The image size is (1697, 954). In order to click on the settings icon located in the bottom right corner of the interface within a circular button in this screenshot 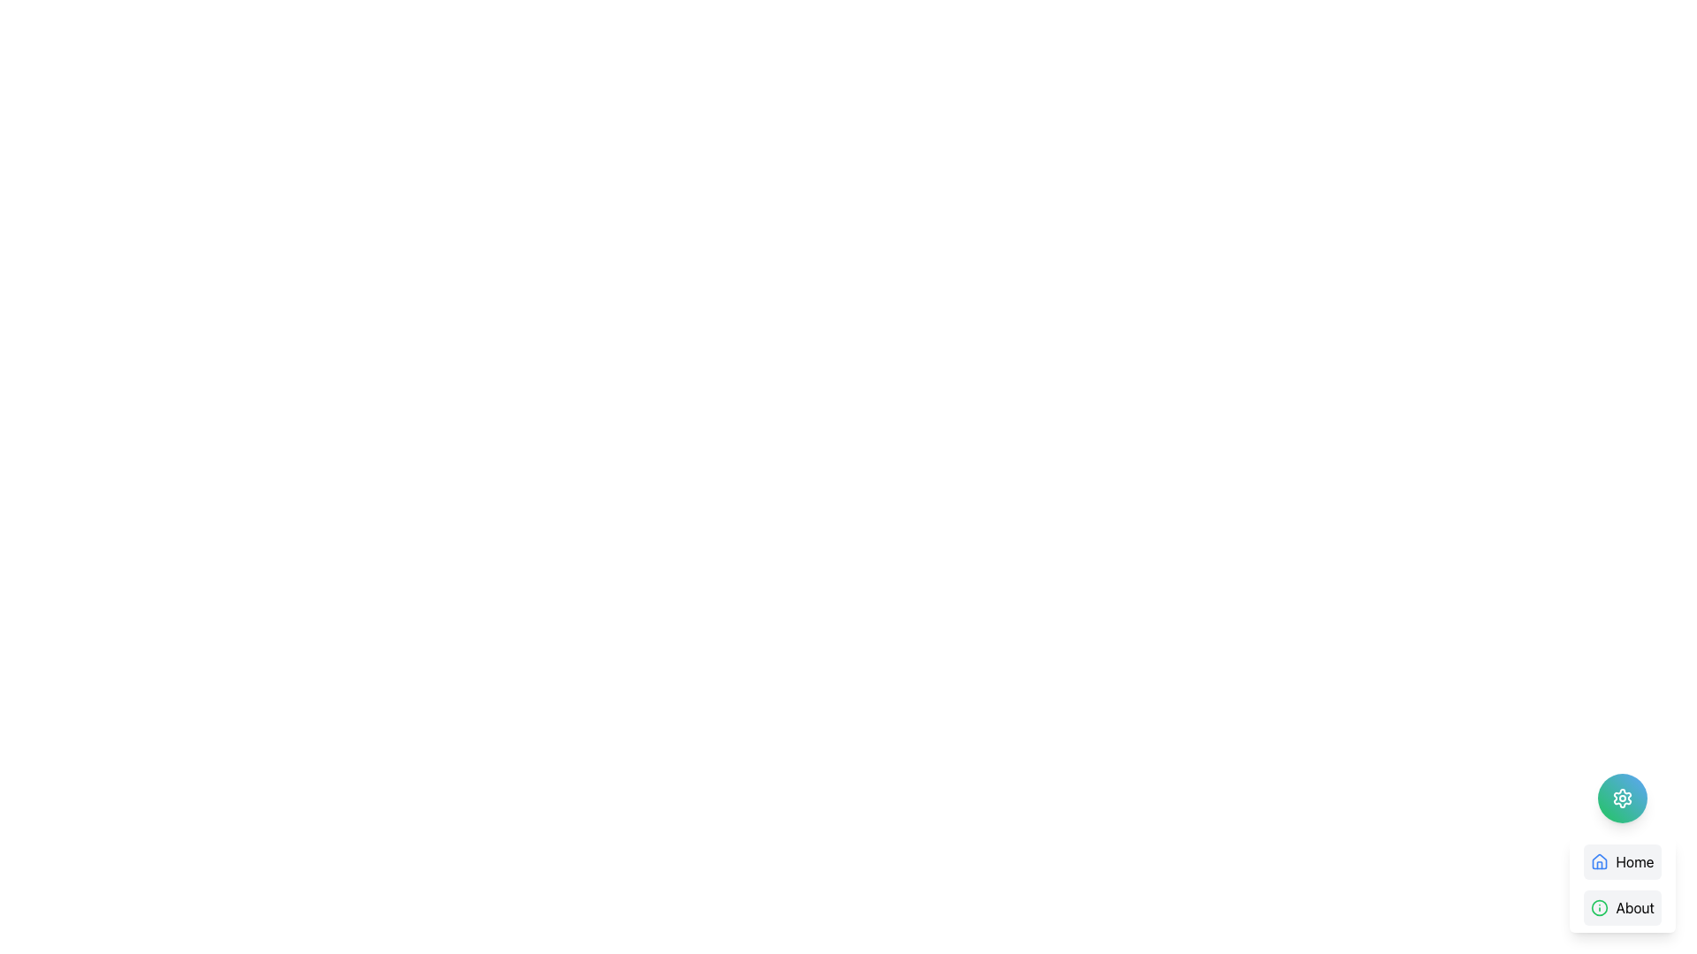, I will do `click(1623, 798)`.